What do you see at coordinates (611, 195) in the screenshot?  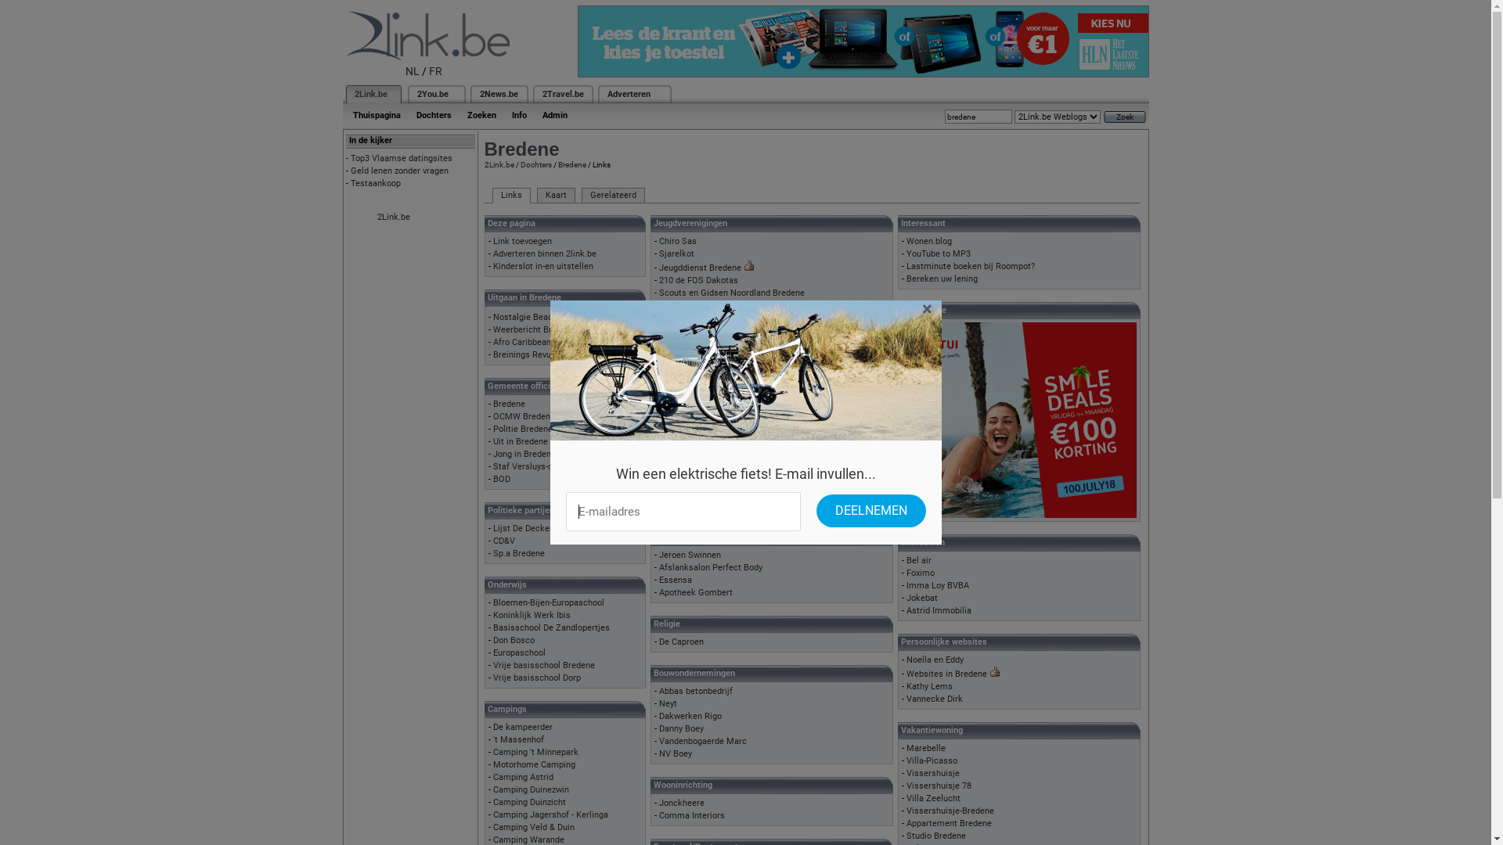 I see `'Gerelateerd'` at bounding box center [611, 195].